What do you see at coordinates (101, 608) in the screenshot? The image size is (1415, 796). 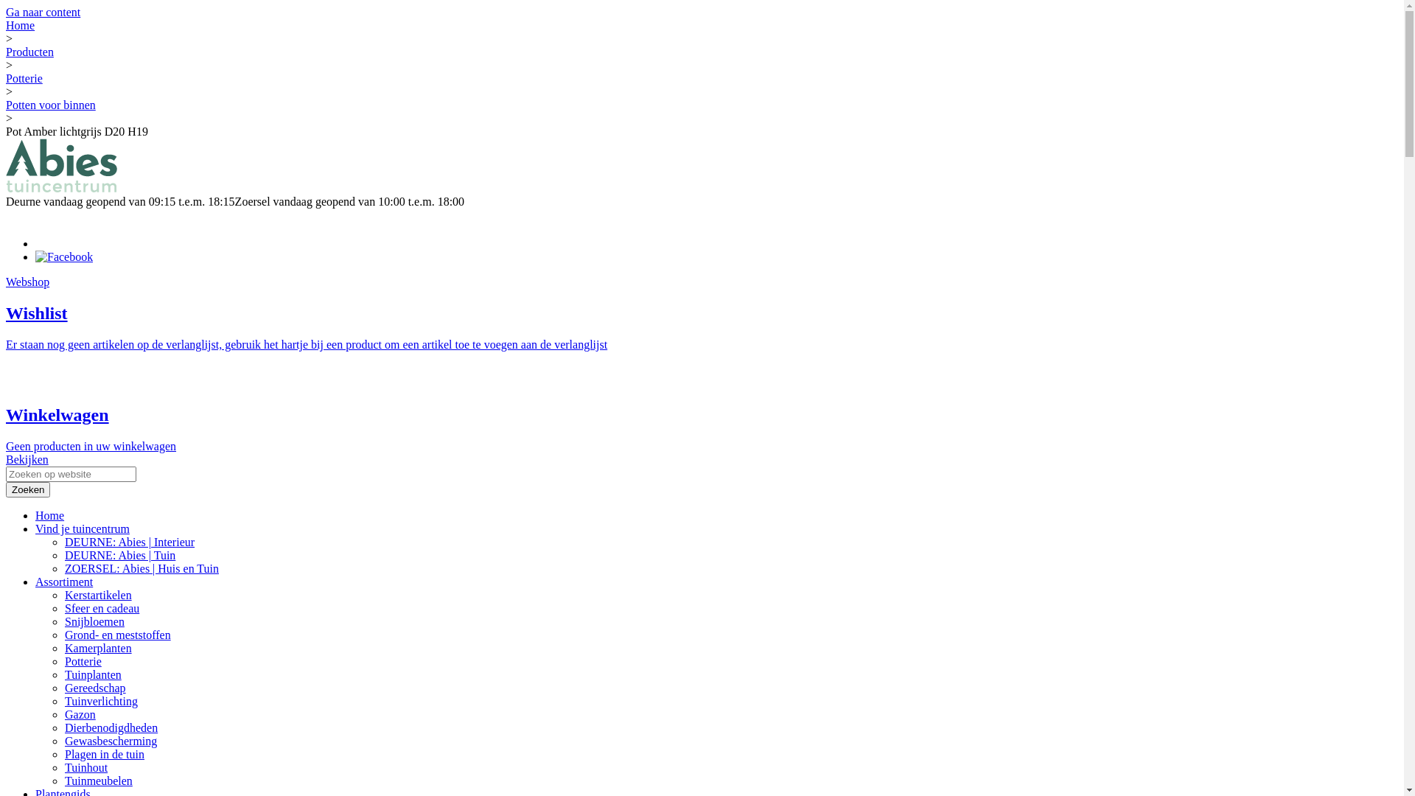 I see `'Sfeer en cadeau'` at bounding box center [101, 608].